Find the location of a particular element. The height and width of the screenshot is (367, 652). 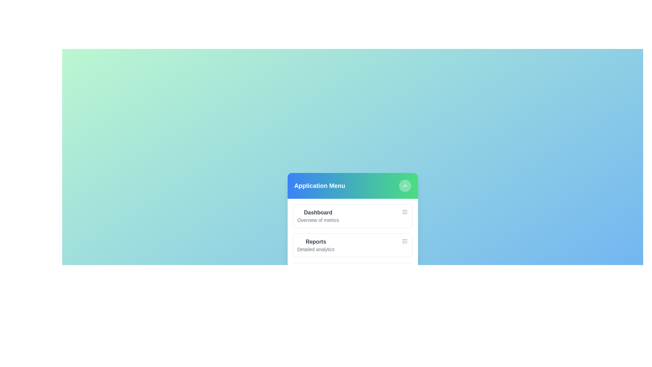

the menu item Dashboard to observe its hover effect is located at coordinates (318, 216).